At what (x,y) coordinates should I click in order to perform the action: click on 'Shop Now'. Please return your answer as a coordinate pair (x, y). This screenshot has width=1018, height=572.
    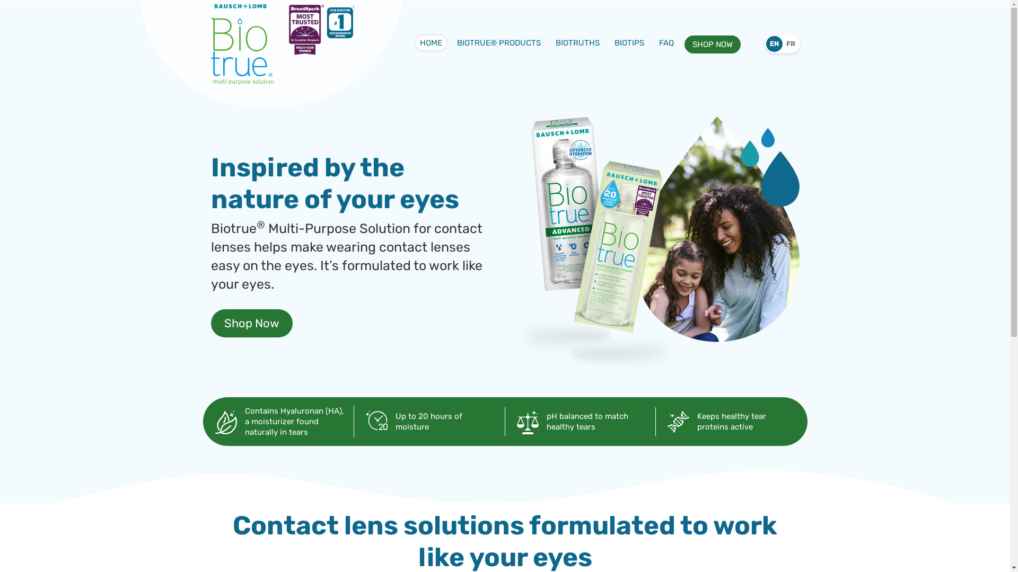
    Looking at the image, I should click on (251, 323).